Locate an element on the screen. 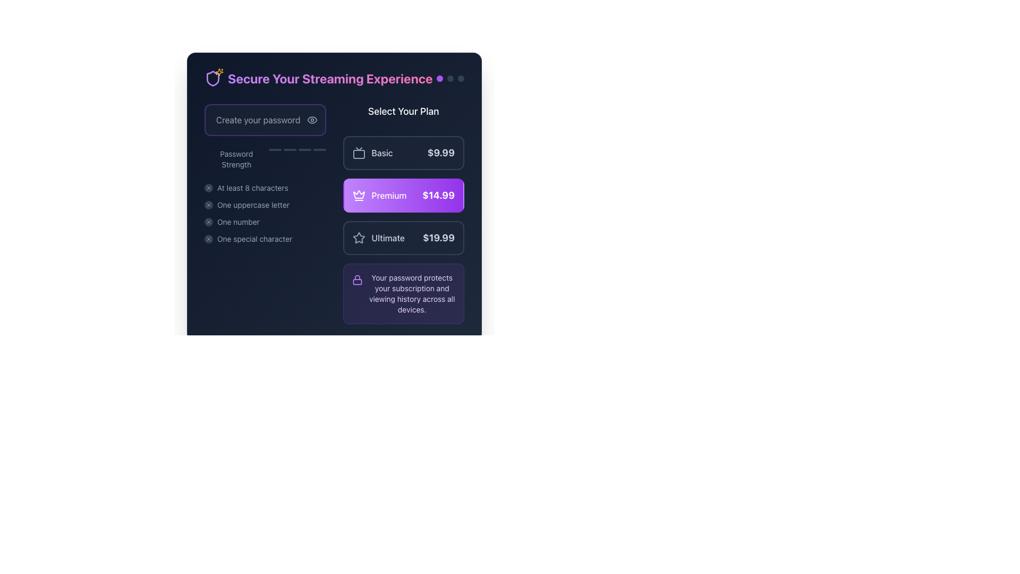 The height and width of the screenshot is (574, 1020). the Premium subscription plan text label, which is positioned to the right of a crown icon in the 'Select Your Plan' section is located at coordinates (388, 195).